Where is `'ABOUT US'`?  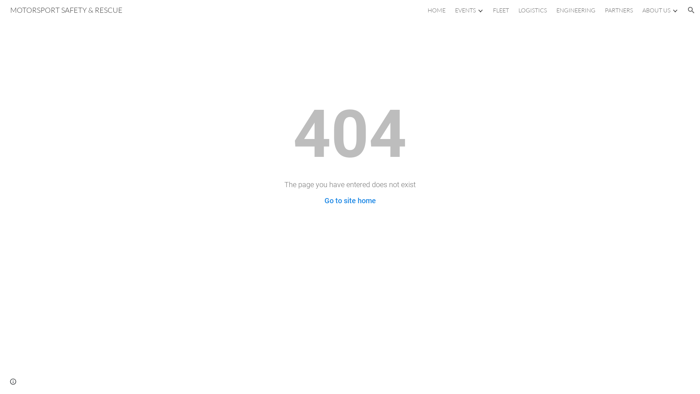
'ABOUT US' is located at coordinates (656, 10).